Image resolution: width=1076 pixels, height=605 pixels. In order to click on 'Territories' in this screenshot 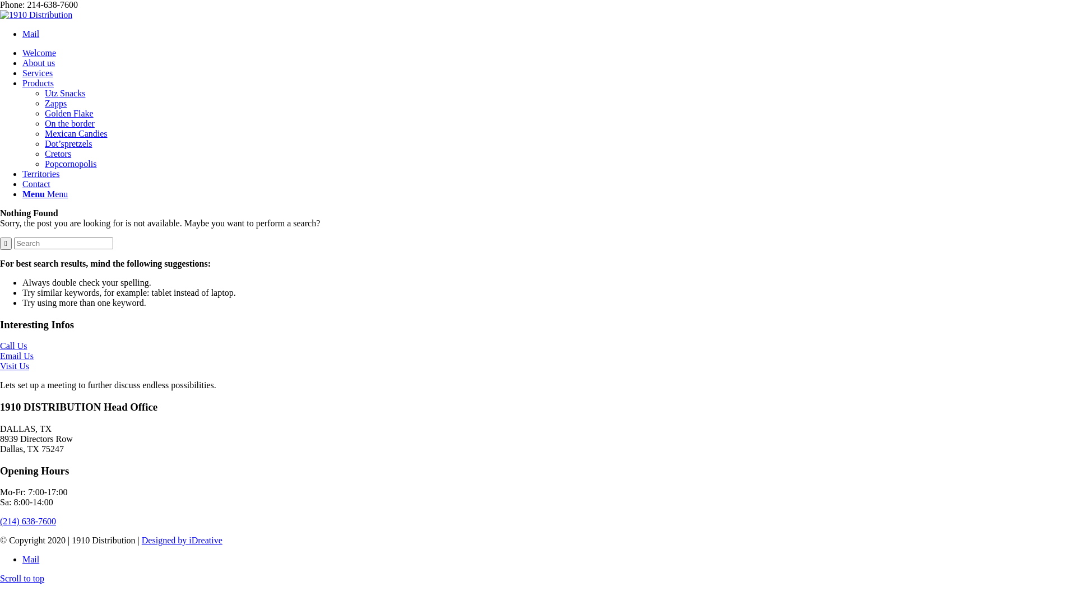, I will do `click(40, 174)`.